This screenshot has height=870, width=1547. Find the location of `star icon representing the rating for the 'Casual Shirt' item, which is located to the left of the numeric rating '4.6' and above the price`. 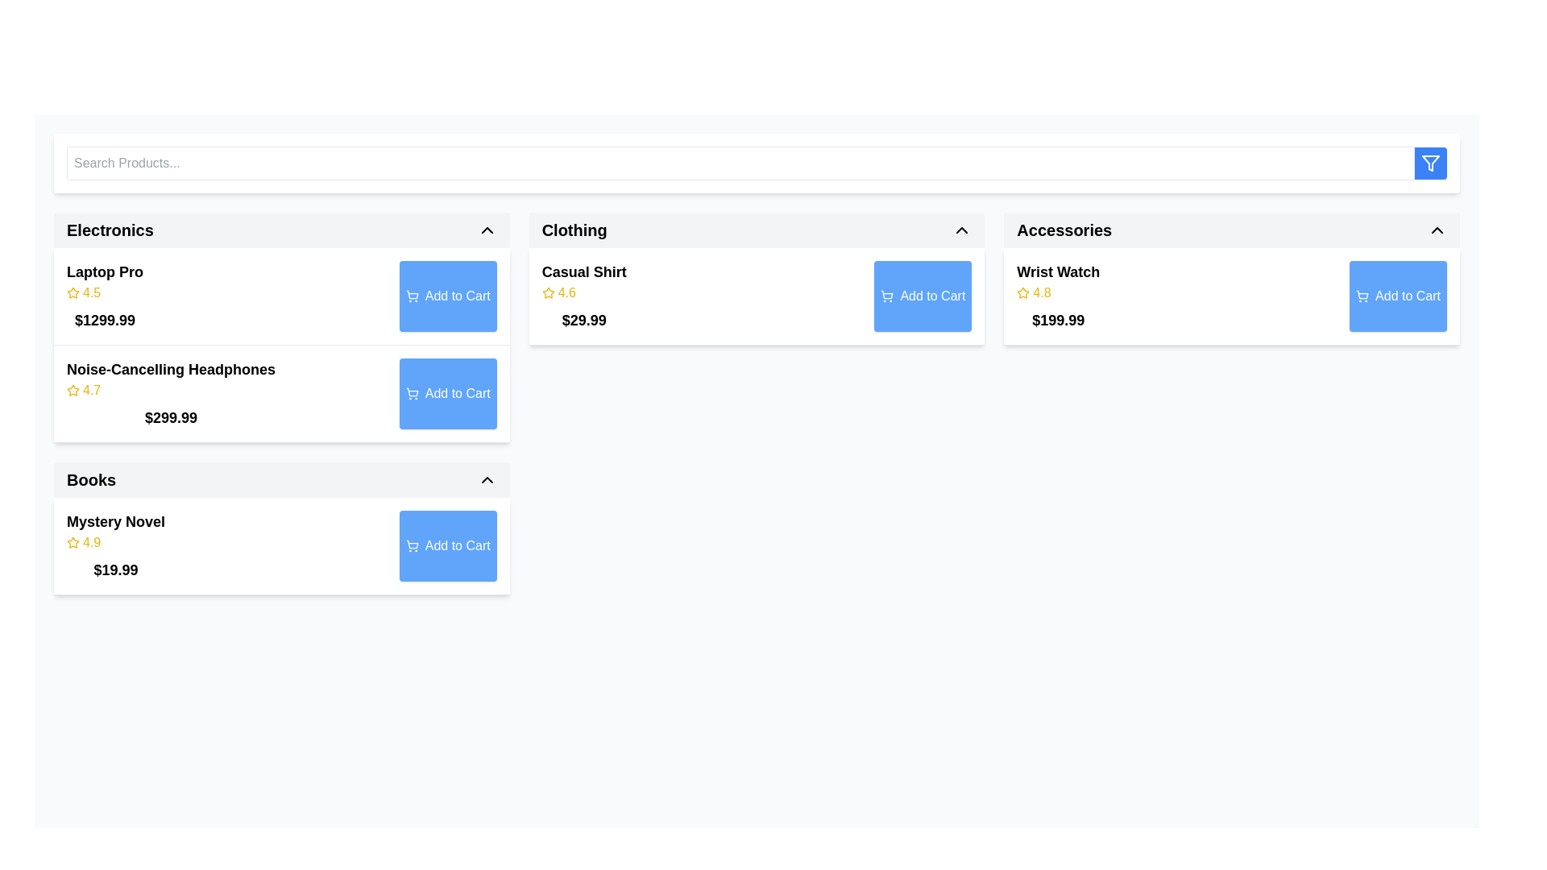

star icon representing the rating for the 'Casual Shirt' item, which is located to the left of the numeric rating '4.6' and above the price is located at coordinates (548, 292).